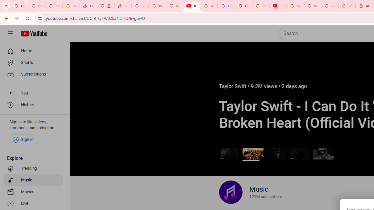 The height and width of the screenshot is (210, 374). I want to click on 'Subscriptions', so click(33, 74).